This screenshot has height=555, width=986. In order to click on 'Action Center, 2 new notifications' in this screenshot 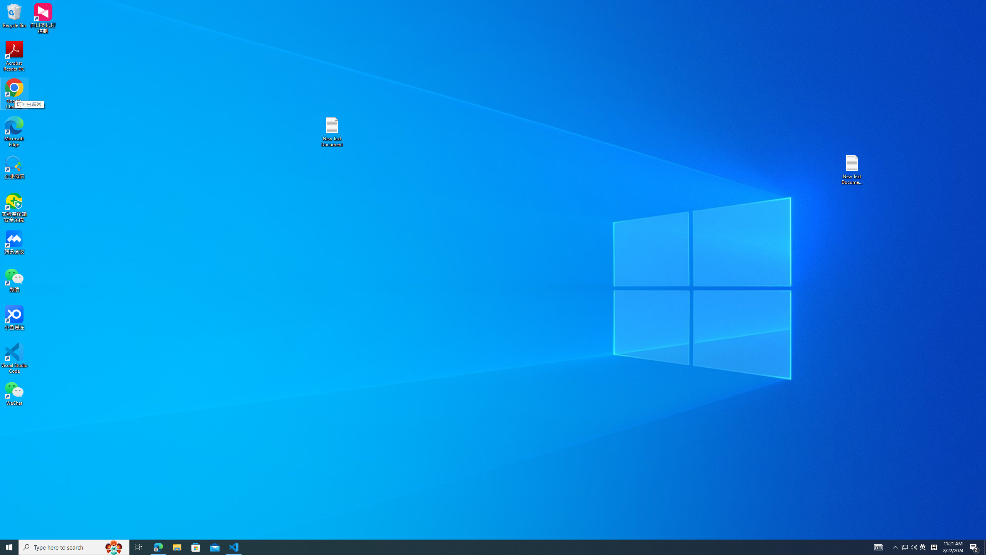, I will do `click(974, 547)`.